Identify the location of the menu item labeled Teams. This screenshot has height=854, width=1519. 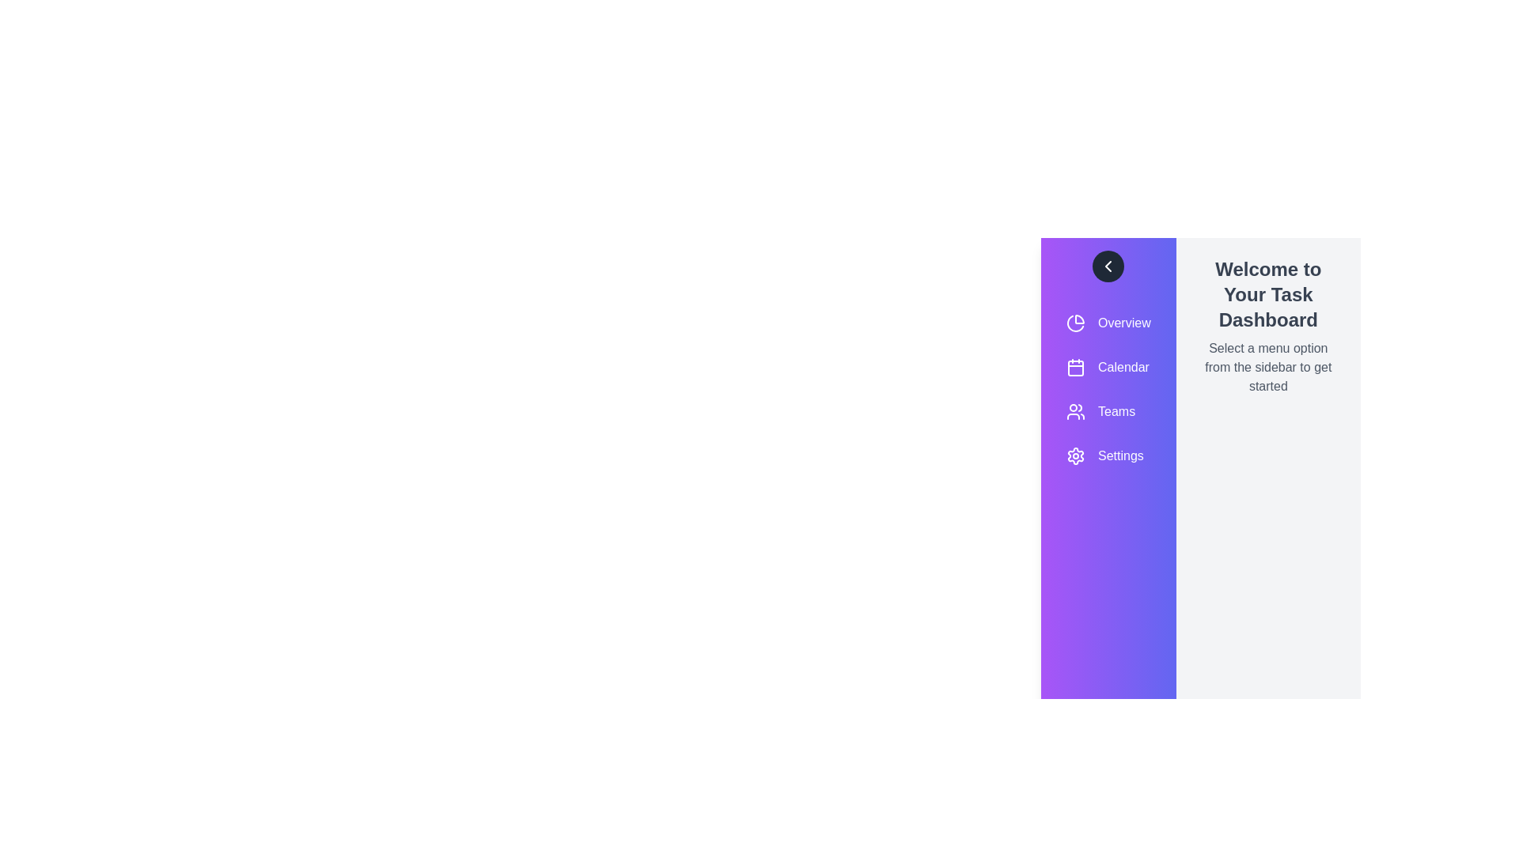
(1108, 410).